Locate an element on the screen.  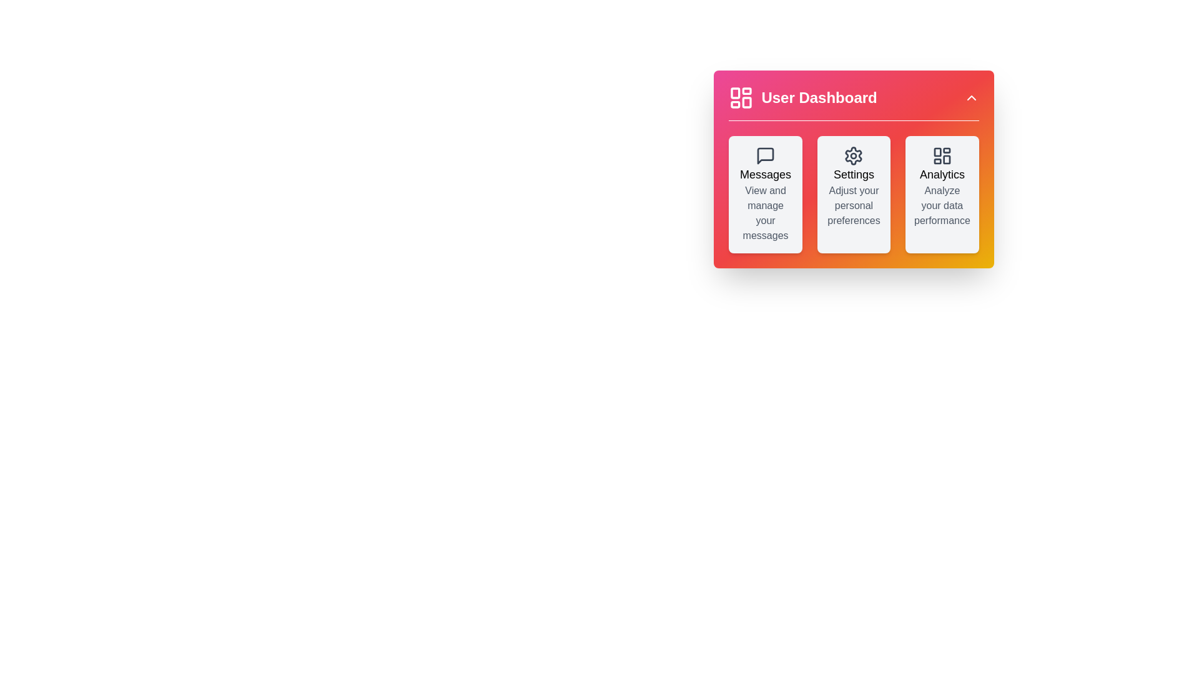
the gray gear-shaped icon within the 'Settings' panel, which is centrally positioned above the text 'Settings' and 'Adjust your personal preferences' is located at coordinates (853, 155).